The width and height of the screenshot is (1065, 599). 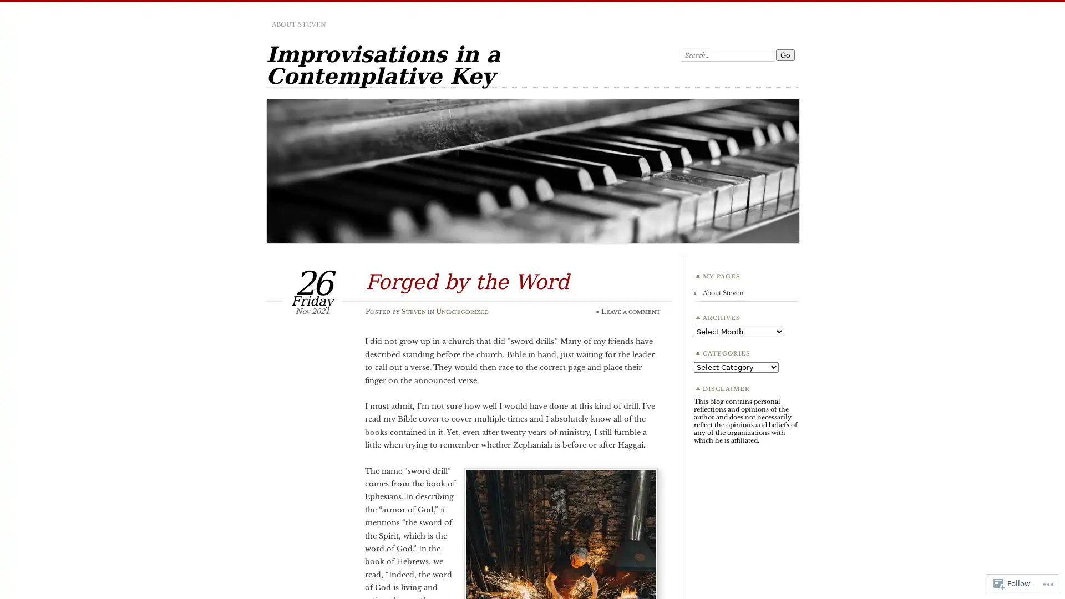 I want to click on Go, so click(x=785, y=55).